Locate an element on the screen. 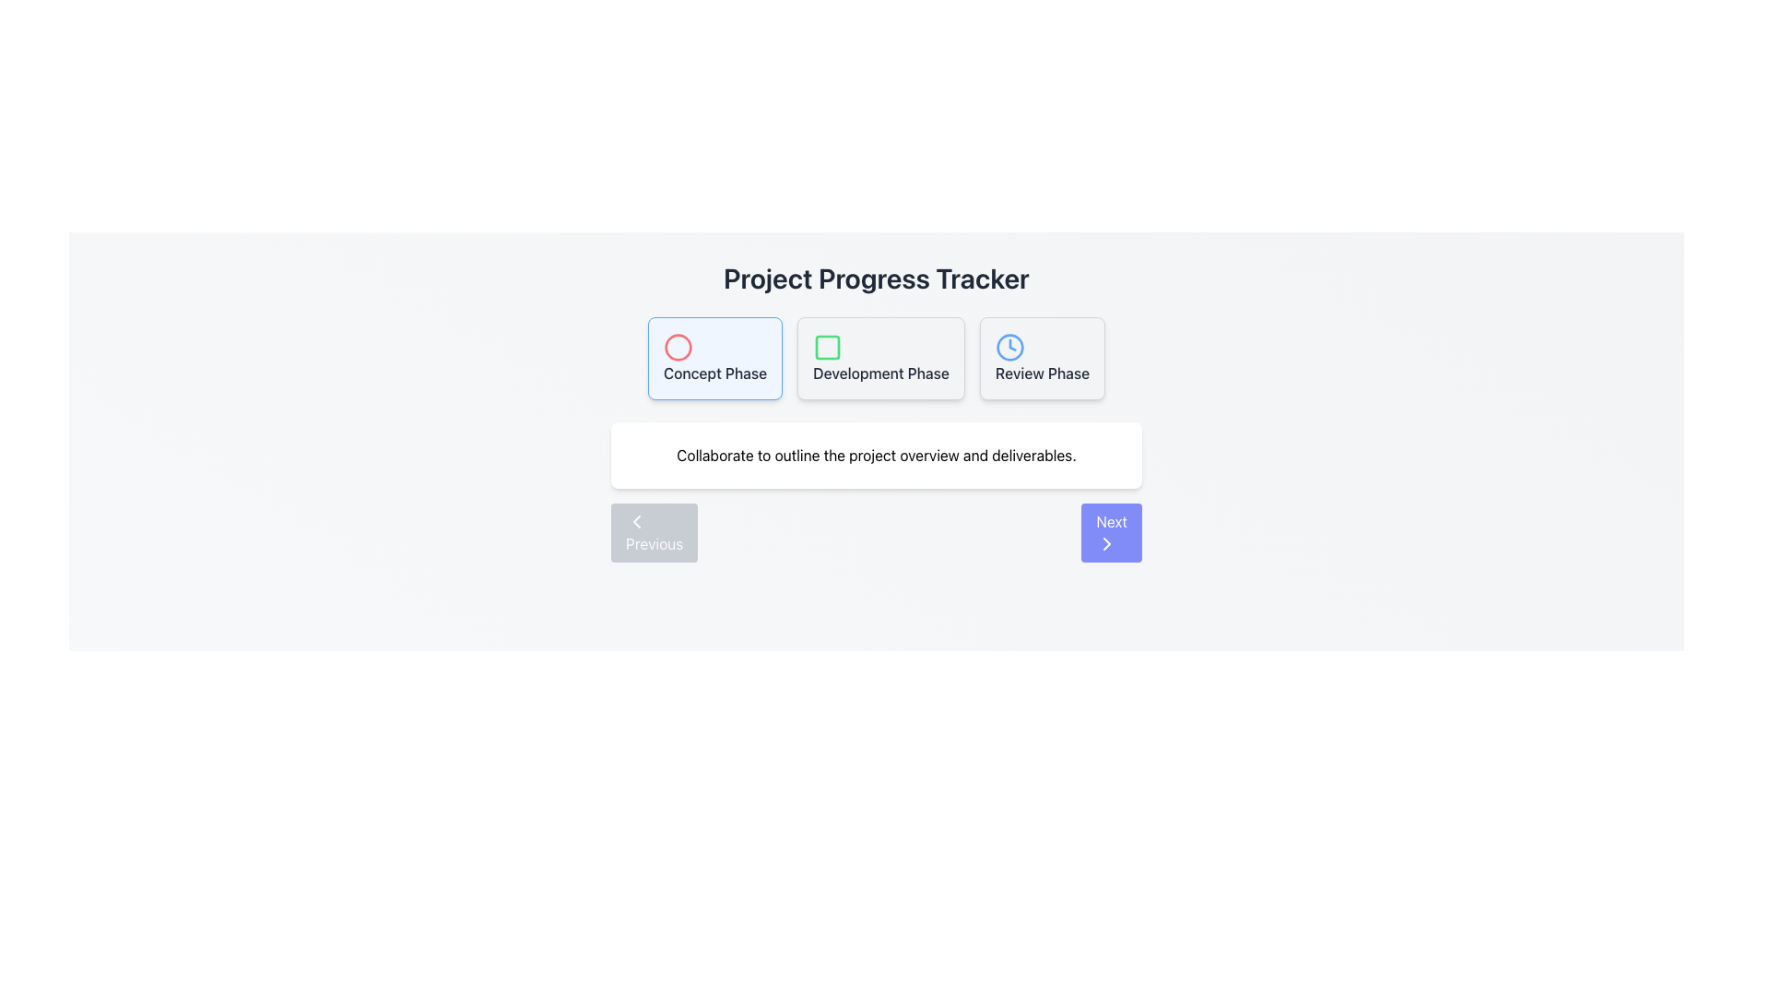 This screenshot has height=996, width=1770. the small square icon with rounded corners located centrally within the 'Development Phase' card of the 'Project Progress Tracker' is located at coordinates (827, 348).